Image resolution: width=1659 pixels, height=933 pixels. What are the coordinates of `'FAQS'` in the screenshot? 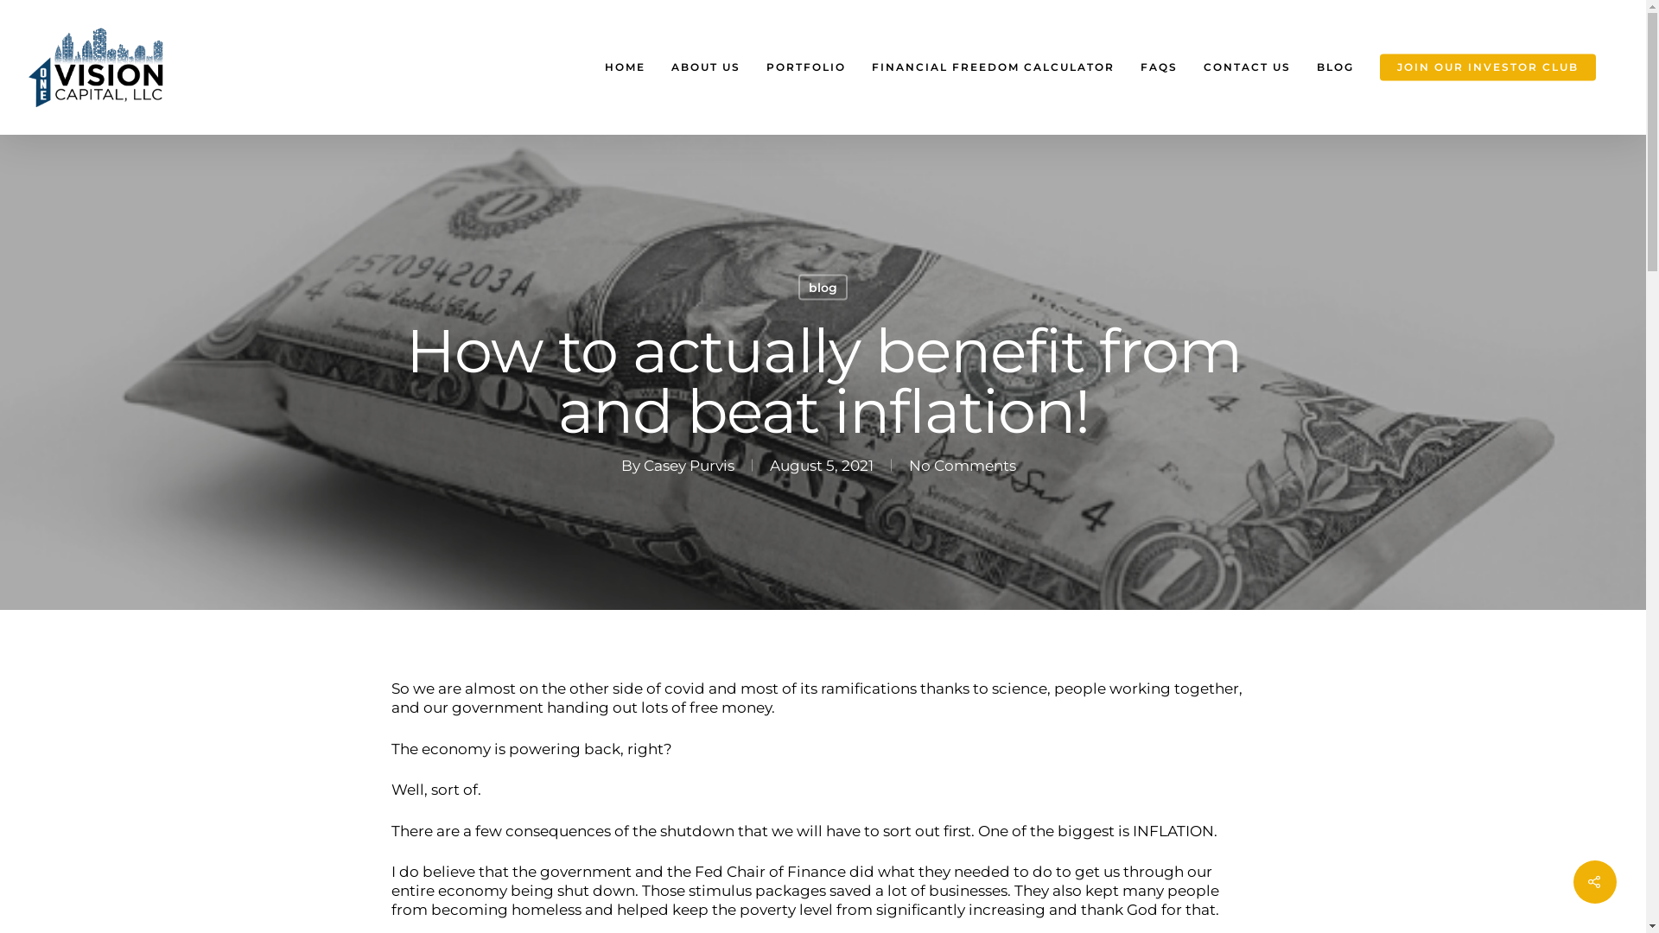 It's located at (1159, 66).